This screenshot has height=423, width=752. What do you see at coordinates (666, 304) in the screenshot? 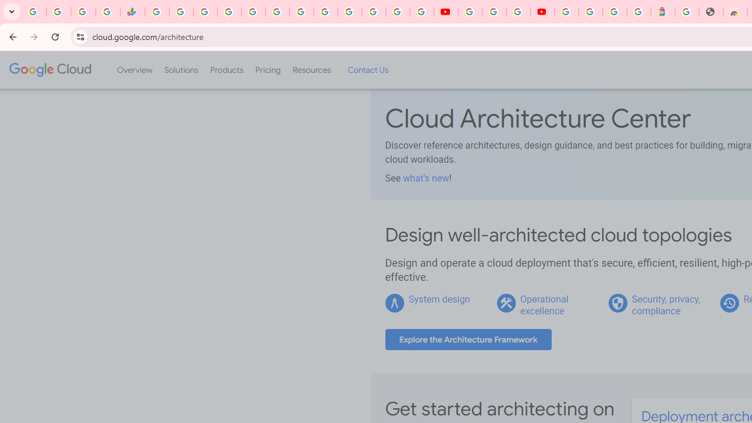
I see `'Security, privacy, compliance'` at bounding box center [666, 304].